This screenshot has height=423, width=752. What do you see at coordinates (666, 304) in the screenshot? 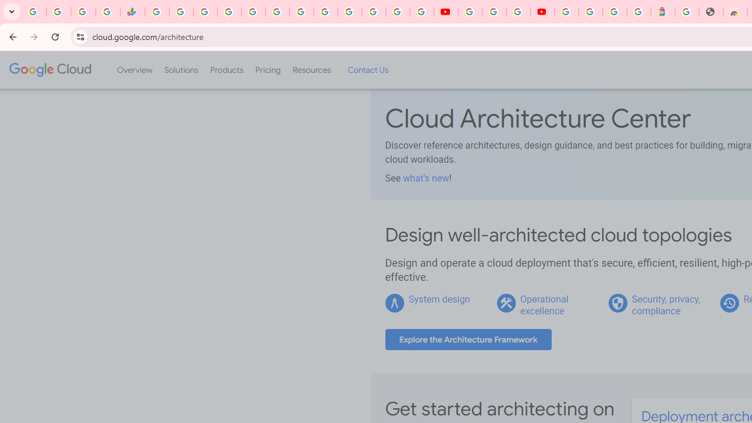
I see `'Security, privacy, compliance'` at bounding box center [666, 304].